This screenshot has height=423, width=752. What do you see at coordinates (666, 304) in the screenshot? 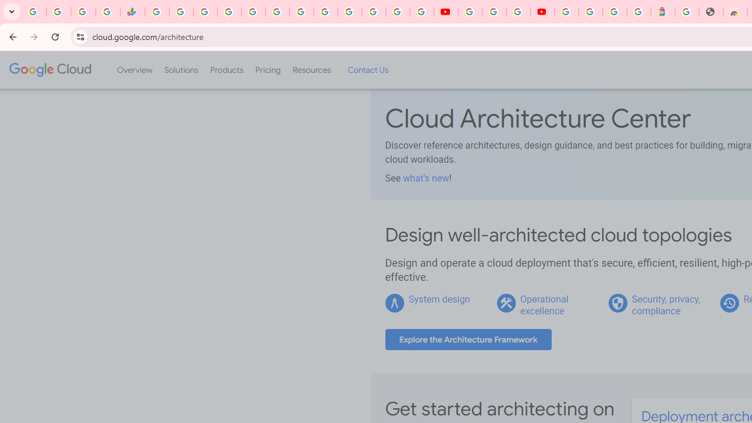
I see `'Security, privacy, compliance'` at bounding box center [666, 304].